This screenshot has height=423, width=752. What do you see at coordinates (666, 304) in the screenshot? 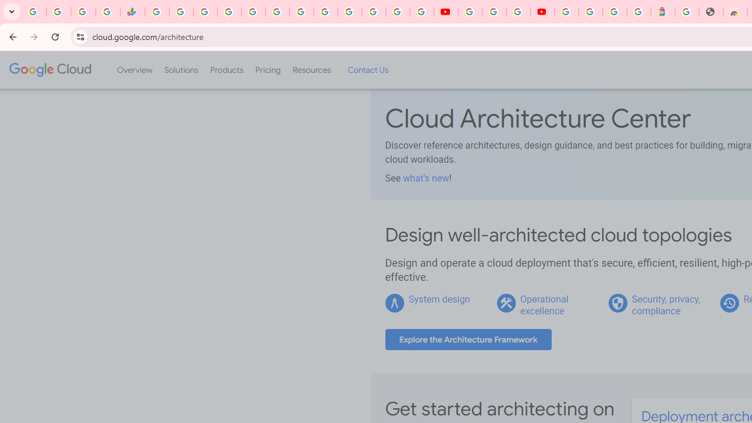
I see `'Security, privacy, compliance'` at bounding box center [666, 304].